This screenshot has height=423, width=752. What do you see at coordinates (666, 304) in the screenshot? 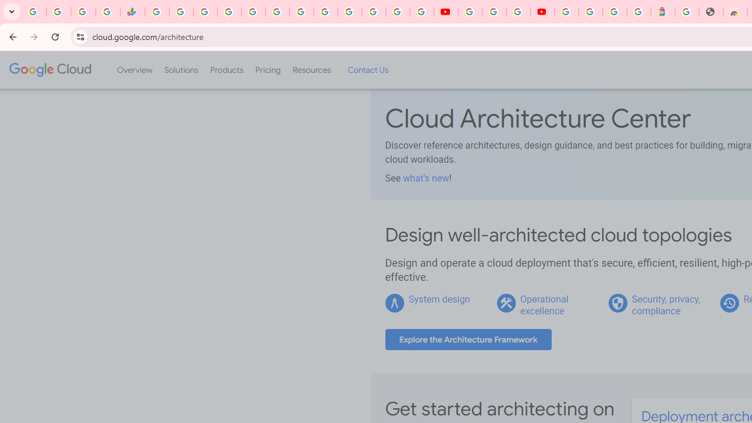
I see `'Security, privacy, compliance'` at bounding box center [666, 304].